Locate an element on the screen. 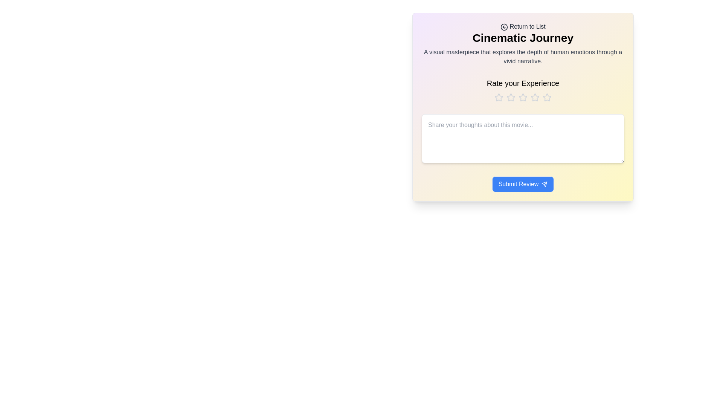 The image size is (723, 407). the fourth star icon in the rating system is located at coordinates (534, 97).